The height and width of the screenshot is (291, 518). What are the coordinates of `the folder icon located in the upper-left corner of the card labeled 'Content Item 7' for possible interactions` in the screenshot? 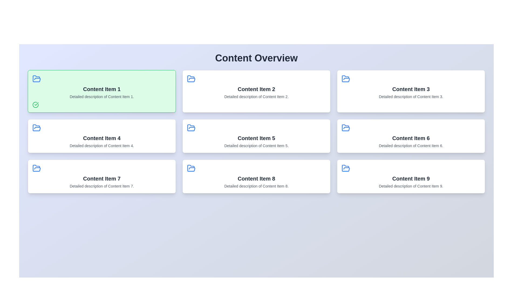 It's located at (36, 168).